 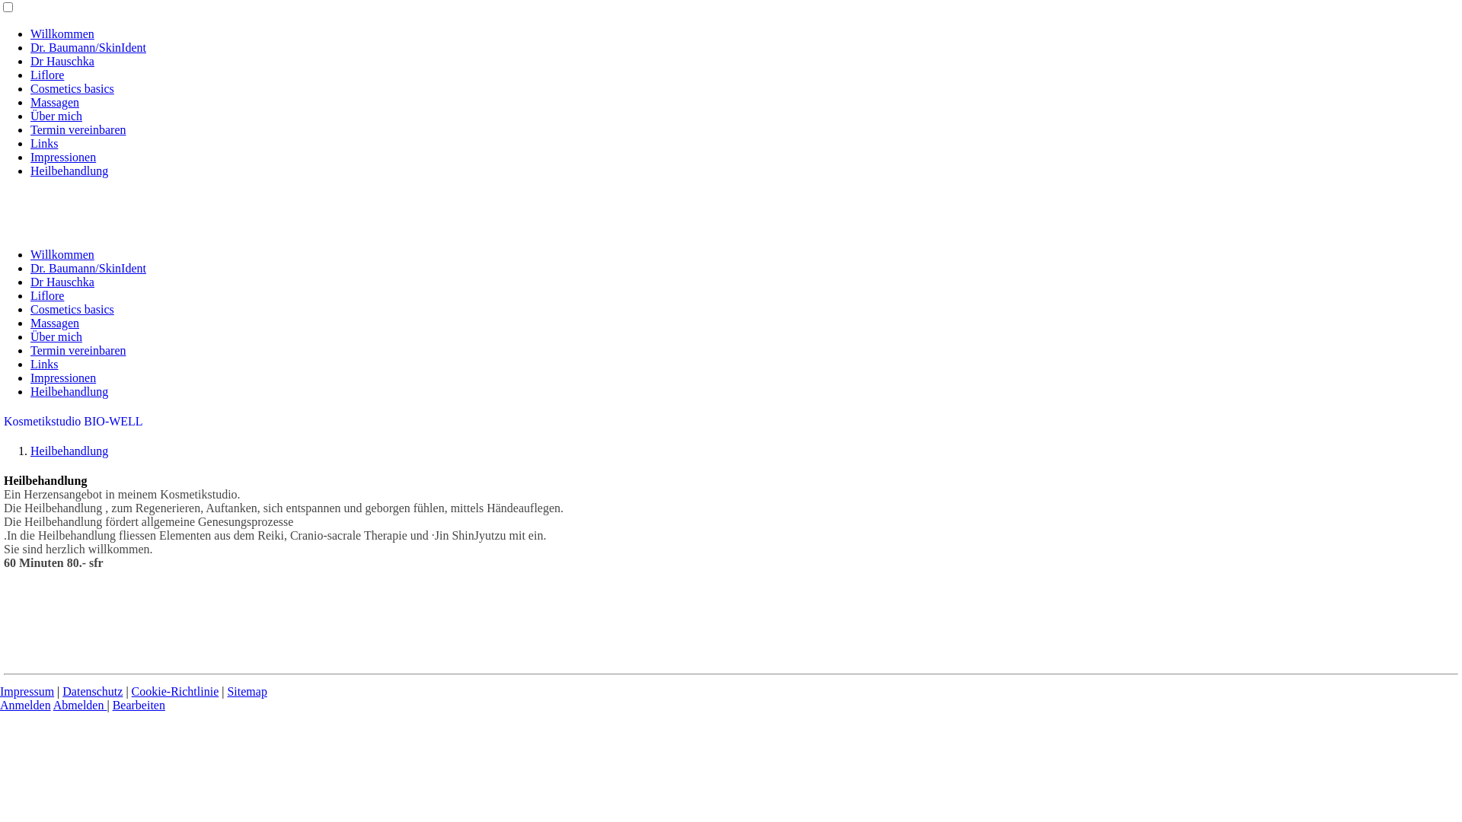 I want to click on 'Impressionen', so click(x=30, y=157).